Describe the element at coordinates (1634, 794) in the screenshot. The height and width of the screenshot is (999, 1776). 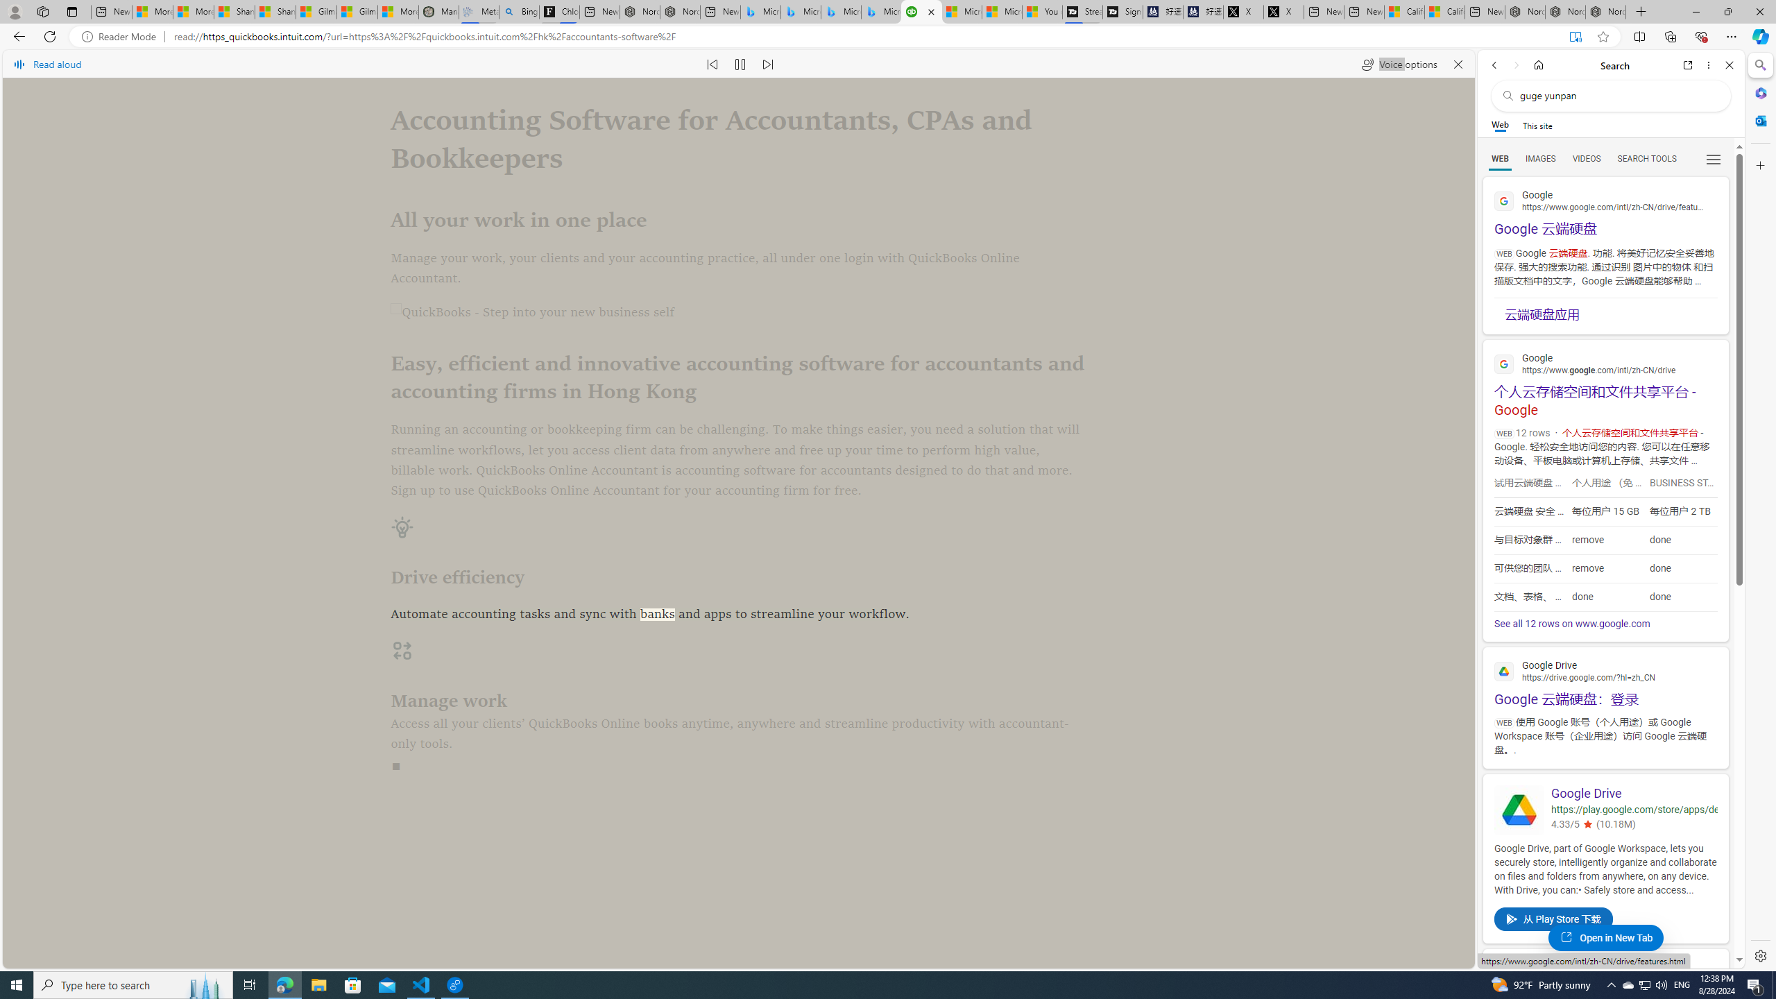
I see `'Google Drive'` at that location.